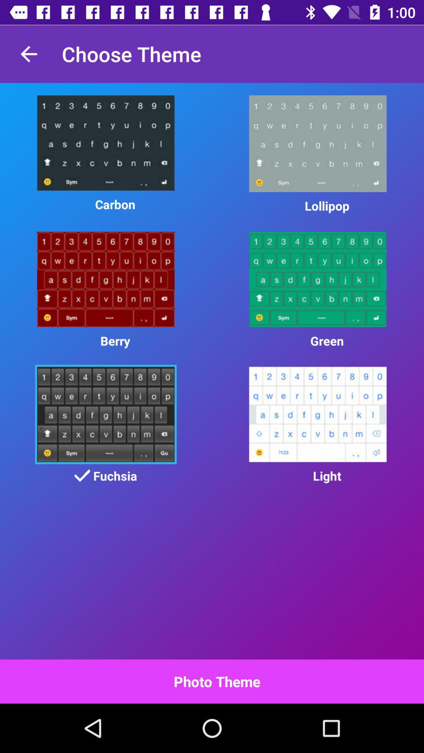 The height and width of the screenshot is (753, 424). Describe the element at coordinates (28, 54) in the screenshot. I see `the item to the left of choose theme item` at that location.